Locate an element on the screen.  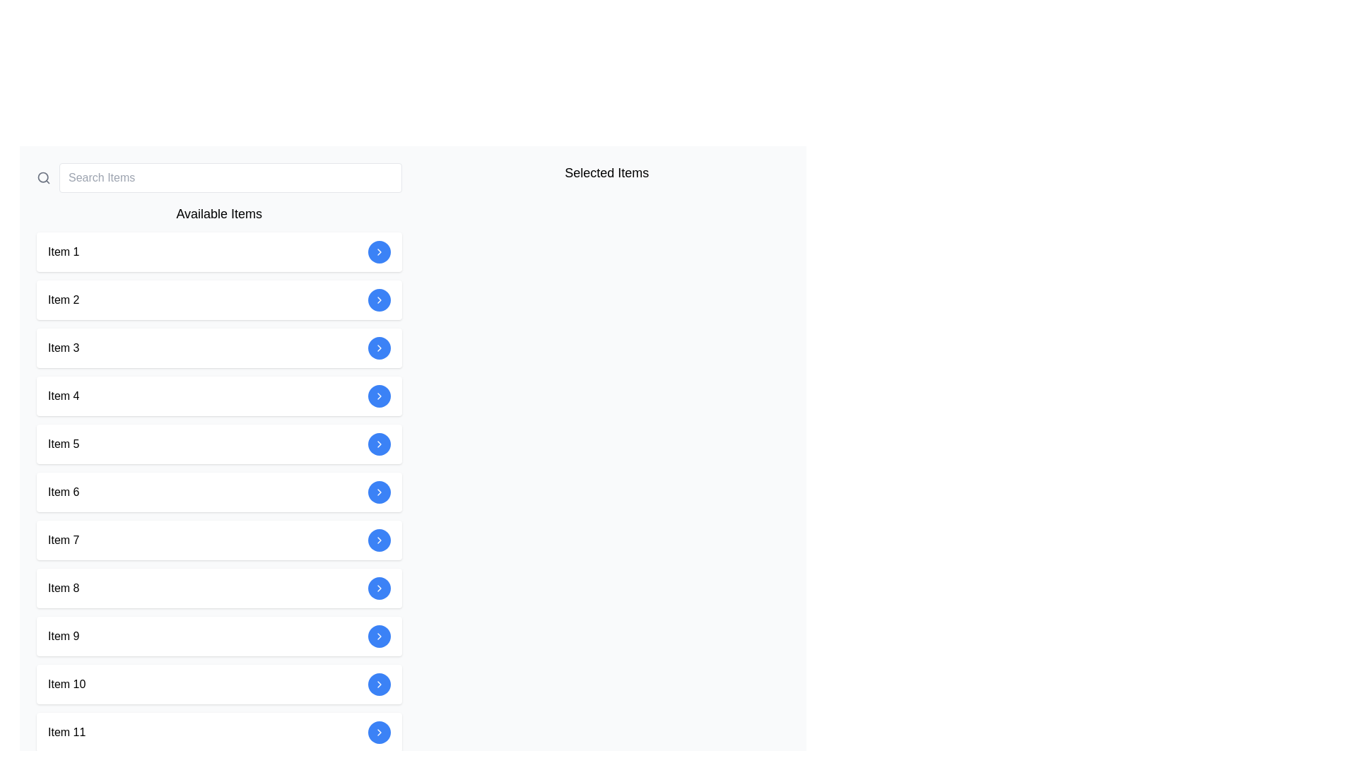
the button associated with 'Item 7' in the 'Available Items' list is located at coordinates (379, 540).